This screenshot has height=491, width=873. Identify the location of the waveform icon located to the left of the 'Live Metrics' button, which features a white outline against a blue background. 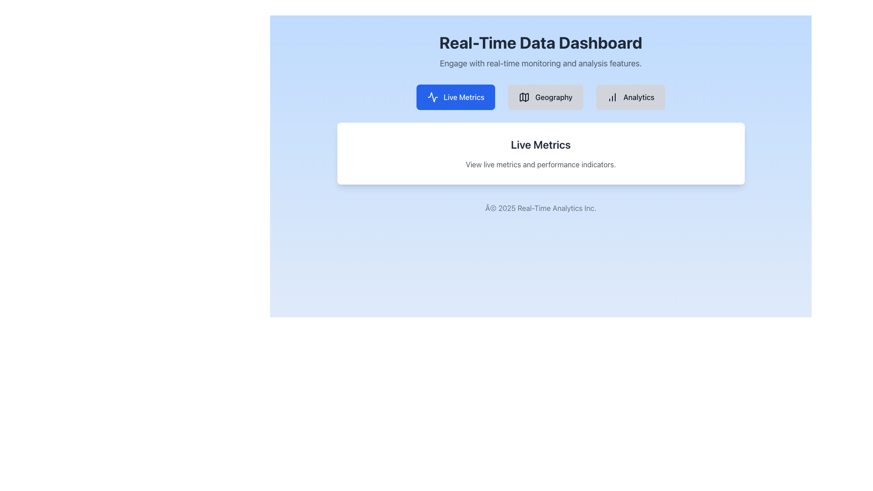
(432, 97).